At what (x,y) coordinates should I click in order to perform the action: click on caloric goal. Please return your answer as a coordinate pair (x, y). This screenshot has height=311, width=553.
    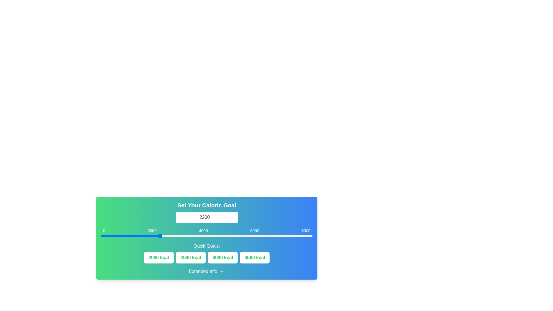
    Looking at the image, I should click on (209, 236).